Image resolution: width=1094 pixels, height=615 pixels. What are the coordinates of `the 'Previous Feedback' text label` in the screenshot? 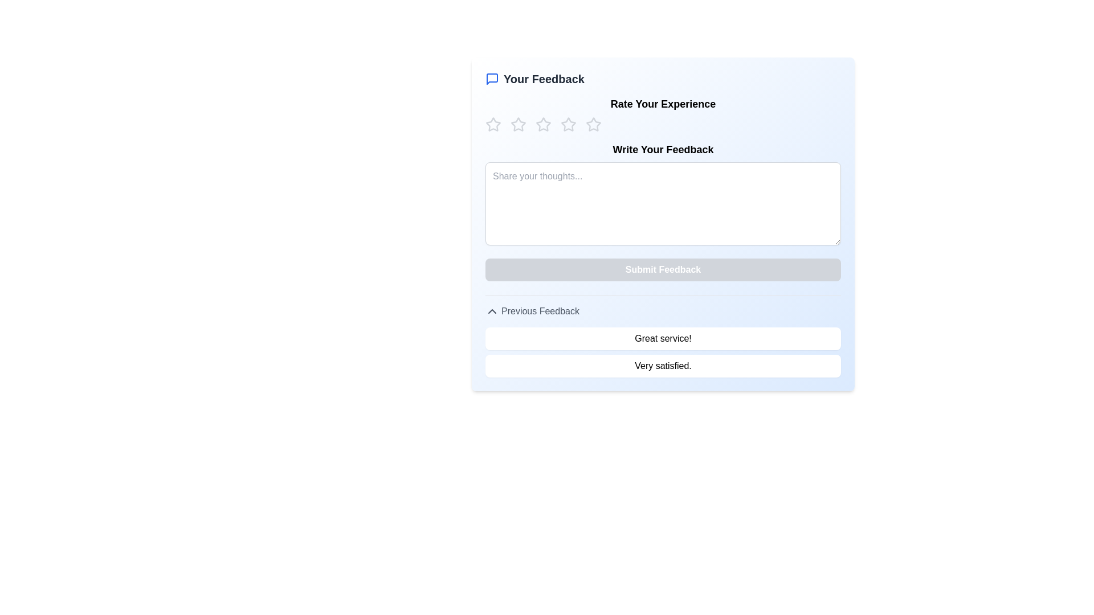 It's located at (540, 311).